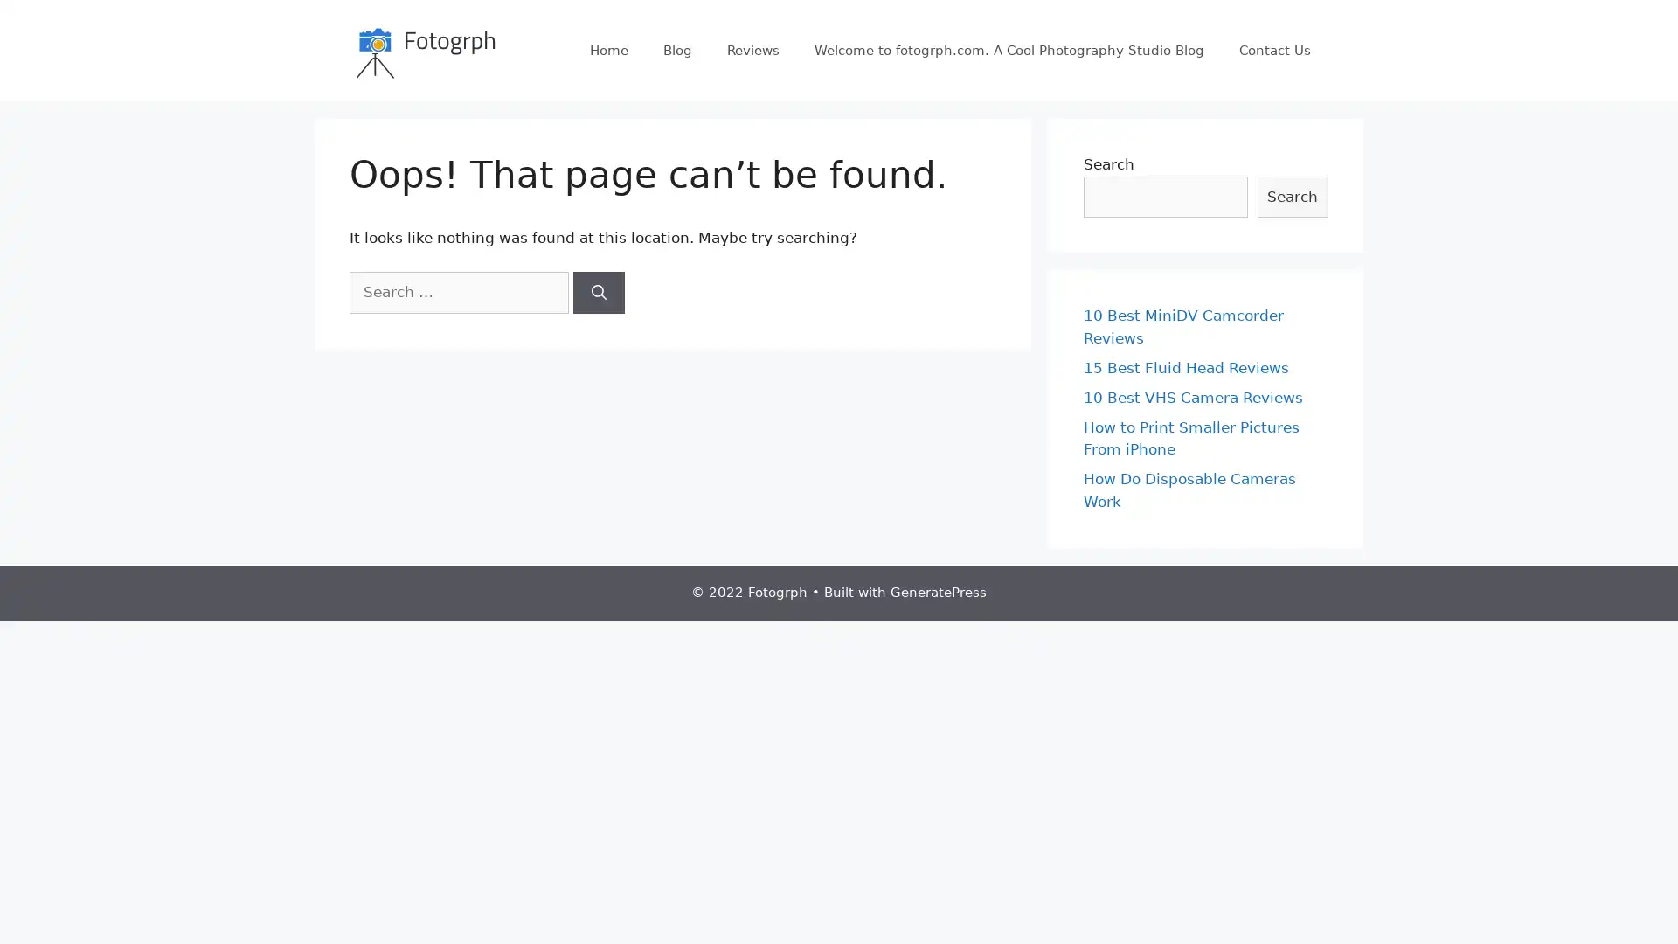 This screenshot has width=1678, height=944. Describe the element at coordinates (599, 291) in the screenshot. I see `Search` at that location.